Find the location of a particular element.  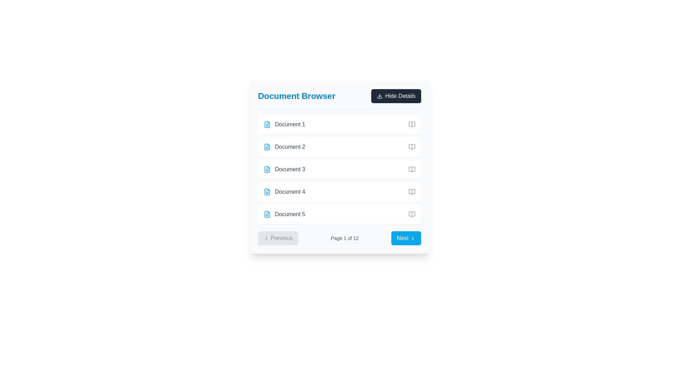

the document outline icon located to the left of the text 'Document 5' in the document list, which is styled as a blue rounded rectangle is located at coordinates (266, 214).